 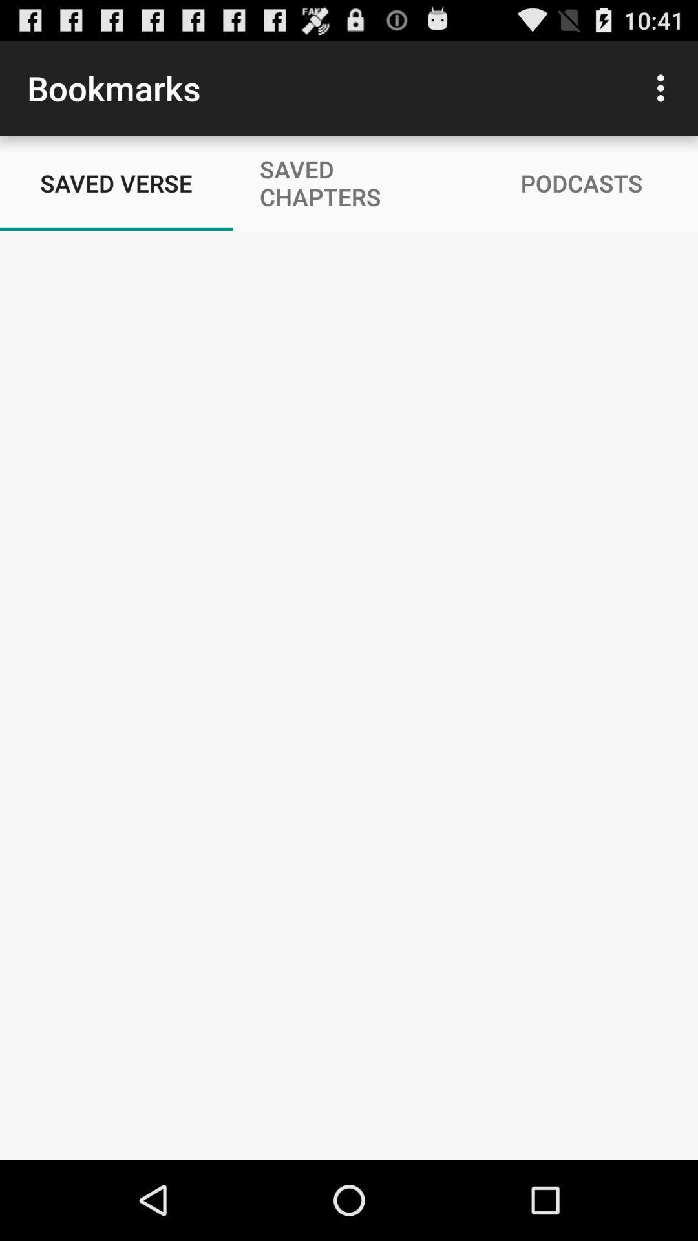 I want to click on the icon at the center, so click(x=349, y=694).